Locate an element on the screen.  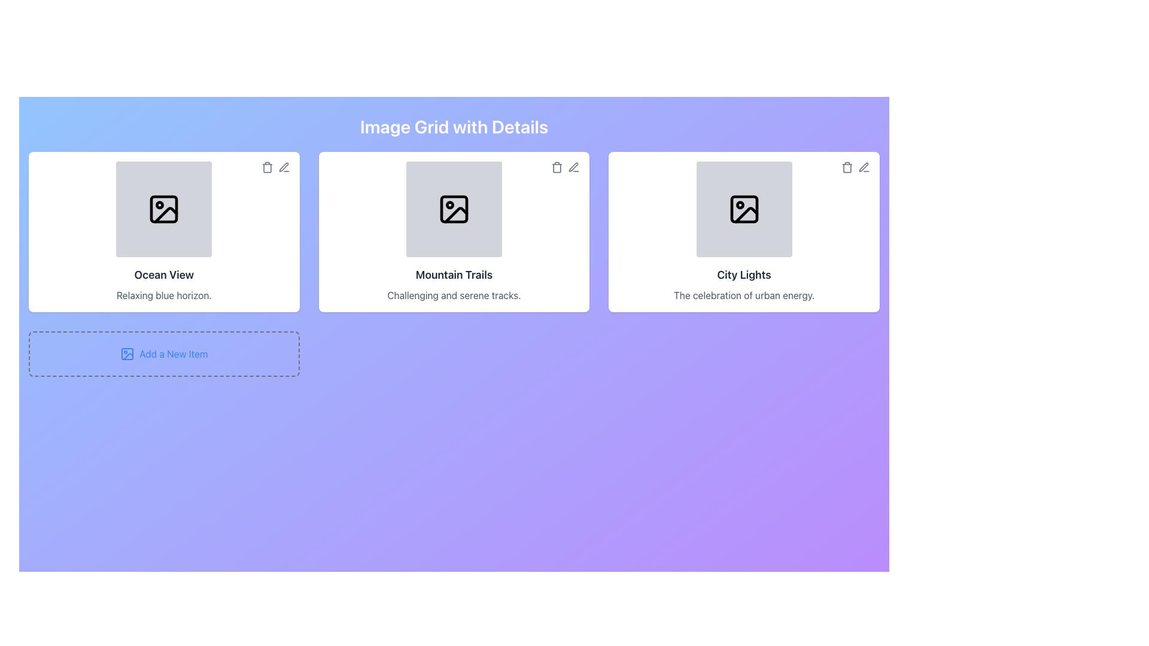
the 'City Lights' text label, which is styled with a large, bold font and is centrally aligned in a dark gray color, located in the third item of a three-item grid layout is located at coordinates (743, 275).